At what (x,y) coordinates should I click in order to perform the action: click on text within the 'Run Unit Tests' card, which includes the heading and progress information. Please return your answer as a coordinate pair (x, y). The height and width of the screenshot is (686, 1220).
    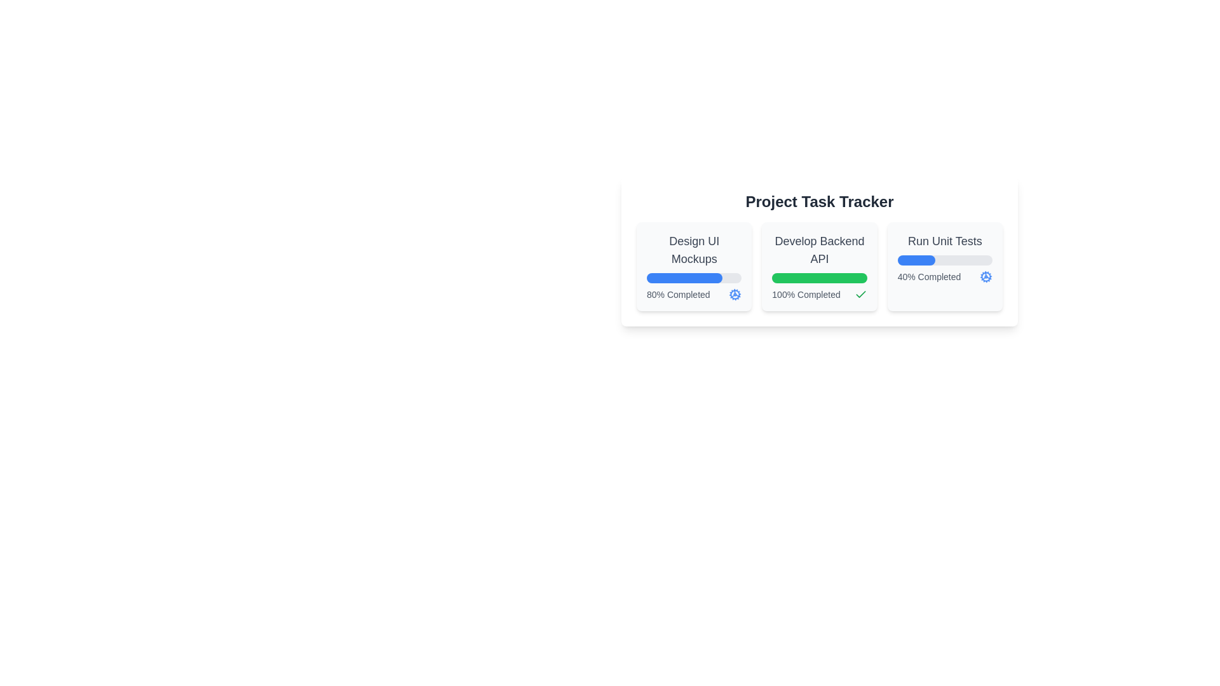
    Looking at the image, I should click on (945, 266).